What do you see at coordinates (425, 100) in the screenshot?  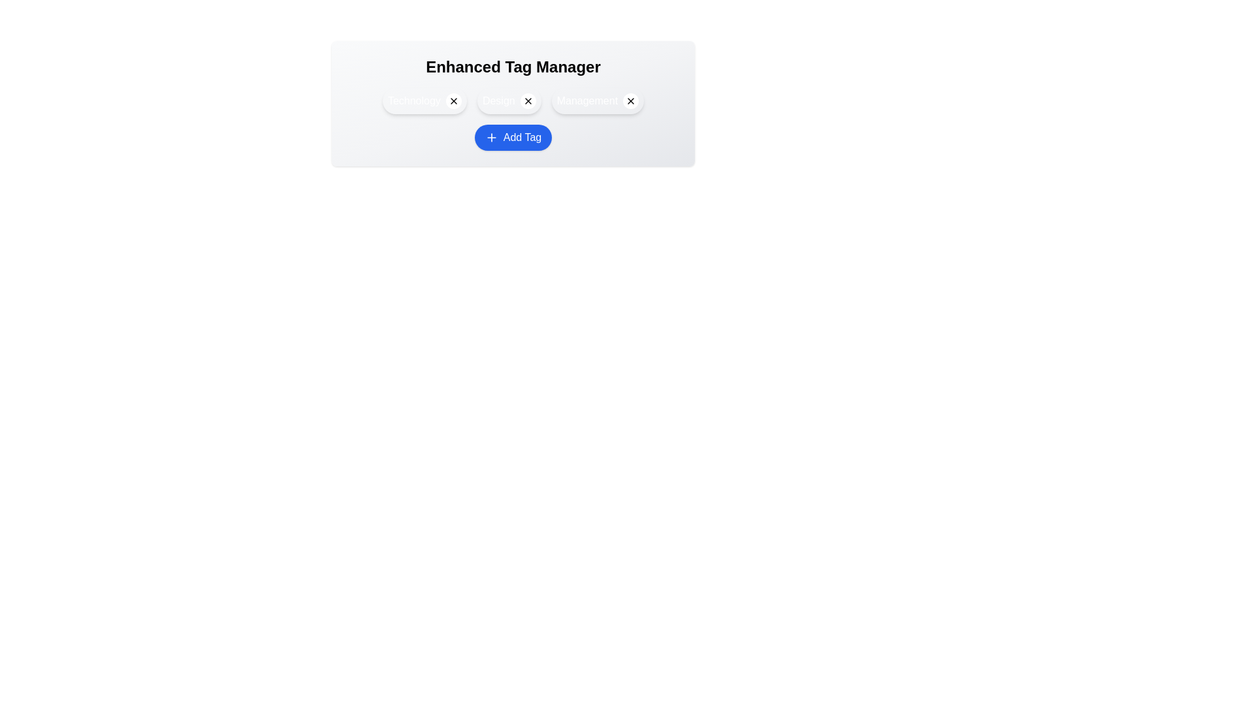 I see `the tag labeled Technology` at bounding box center [425, 100].